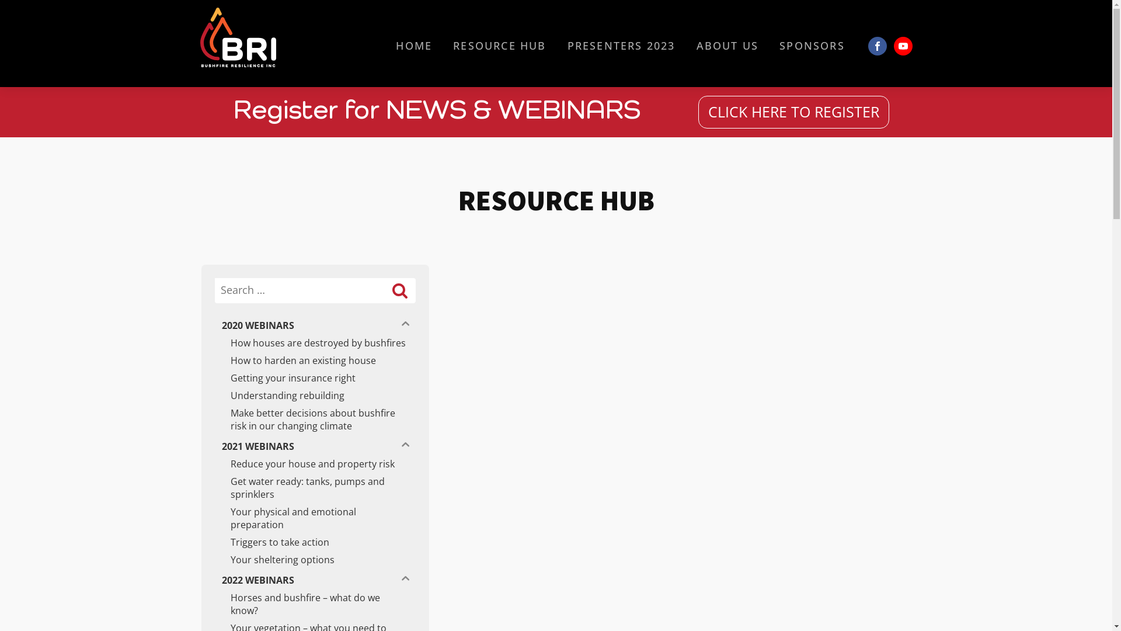 The image size is (1121, 631). I want to click on 'HOME', so click(414, 45).